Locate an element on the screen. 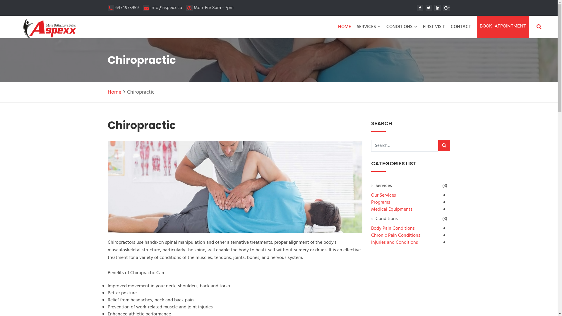  'HOME' is located at coordinates (344, 27).